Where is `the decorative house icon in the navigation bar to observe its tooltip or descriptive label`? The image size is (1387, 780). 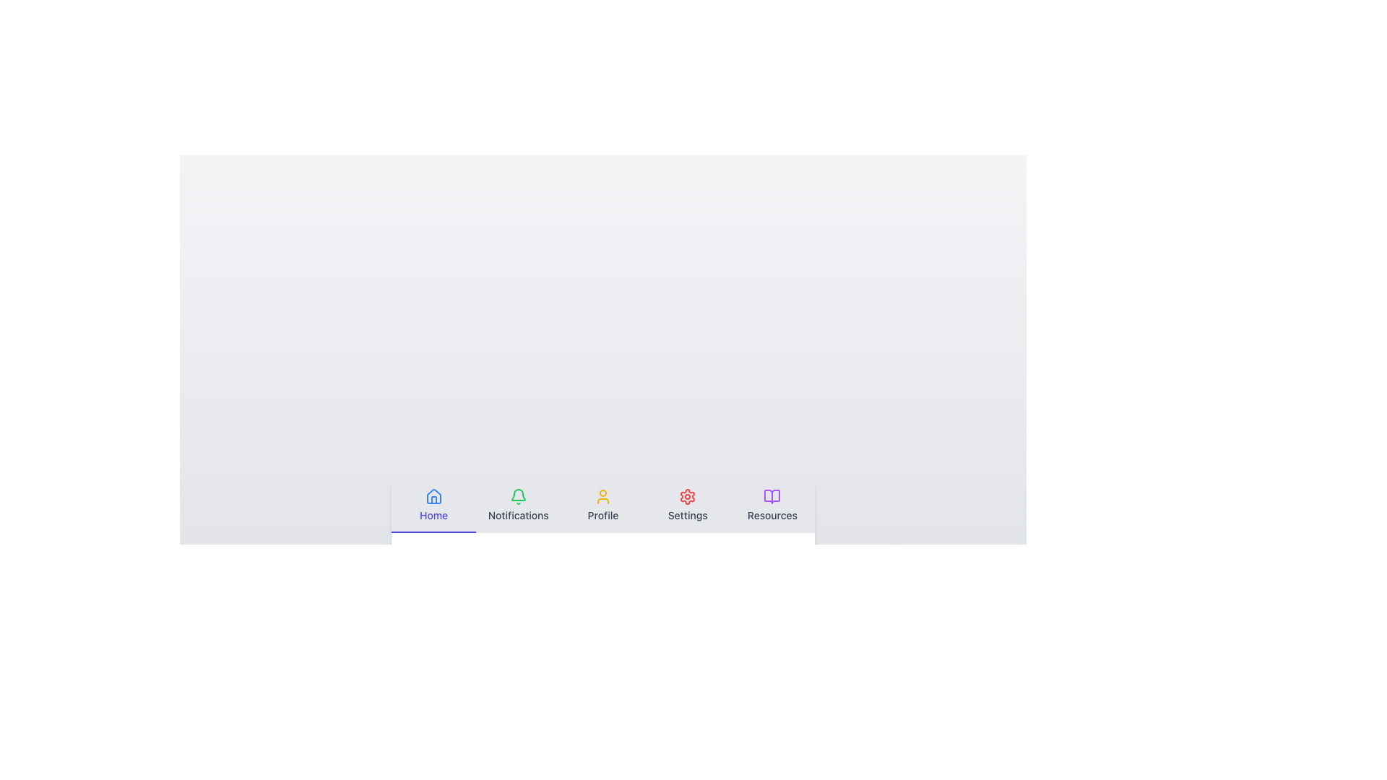
the decorative house icon in the navigation bar to observe its tooltip or descriptive label is located at coordinates (433, 495).